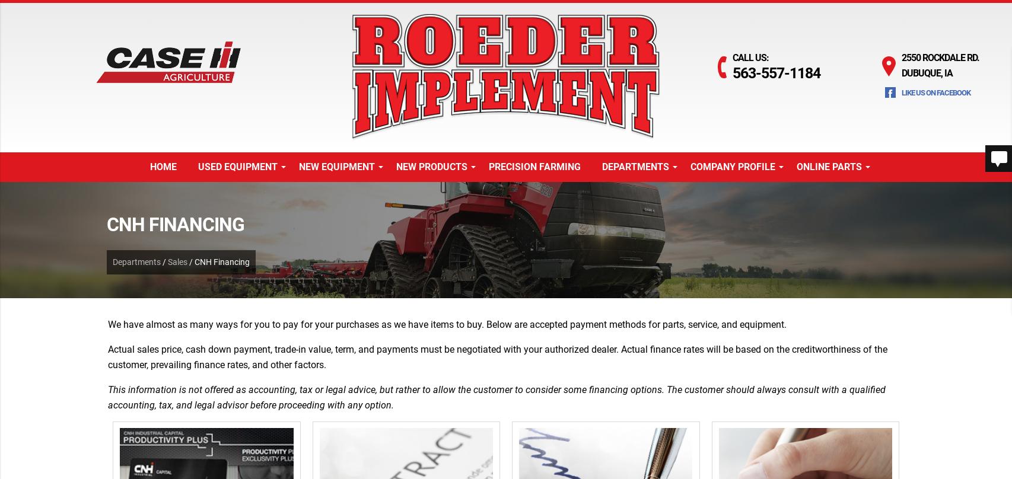 This screenshot has height=479, width=1012. Describe the element at coordinates (336, 166) in the screenshot. I see `'New Equipment'` at that location.